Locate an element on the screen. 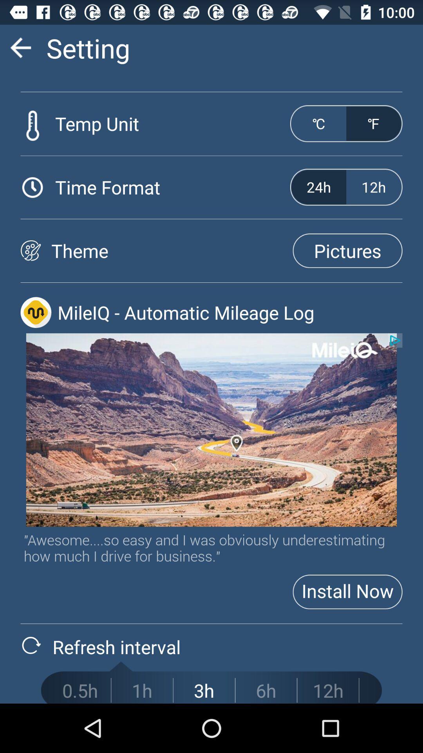 Image resolution: width=423 pixels, height=753 pixels. the icon next to 0.5h app is located at coordinates (142, 690).